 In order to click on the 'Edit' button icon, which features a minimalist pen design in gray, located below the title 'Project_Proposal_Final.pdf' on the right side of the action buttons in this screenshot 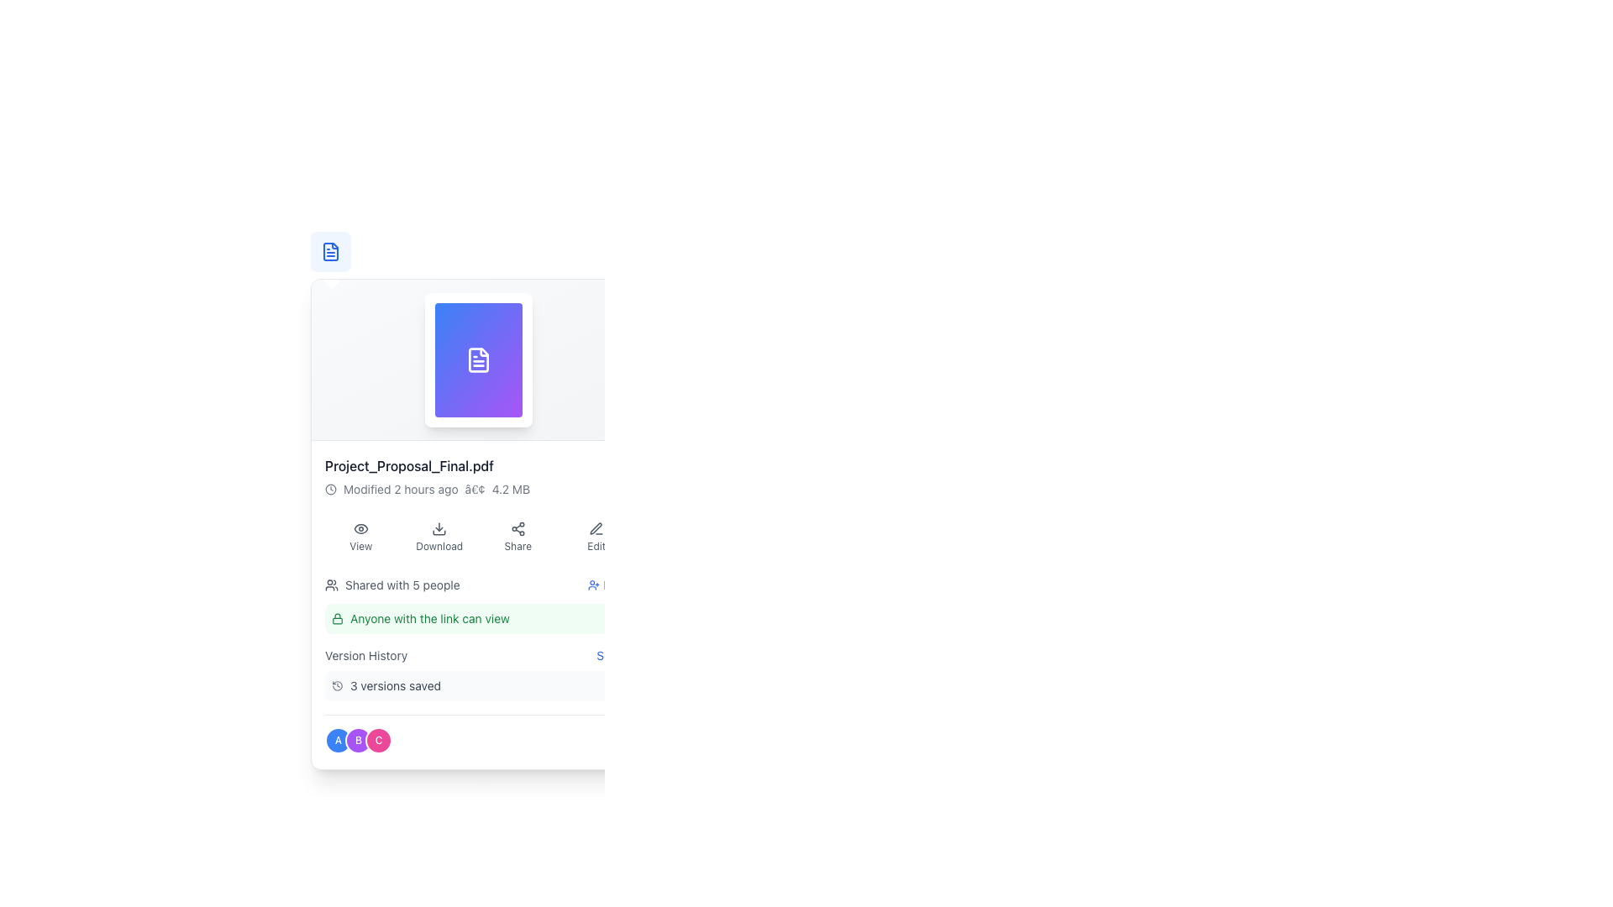, I will do `click(596, 527)`.